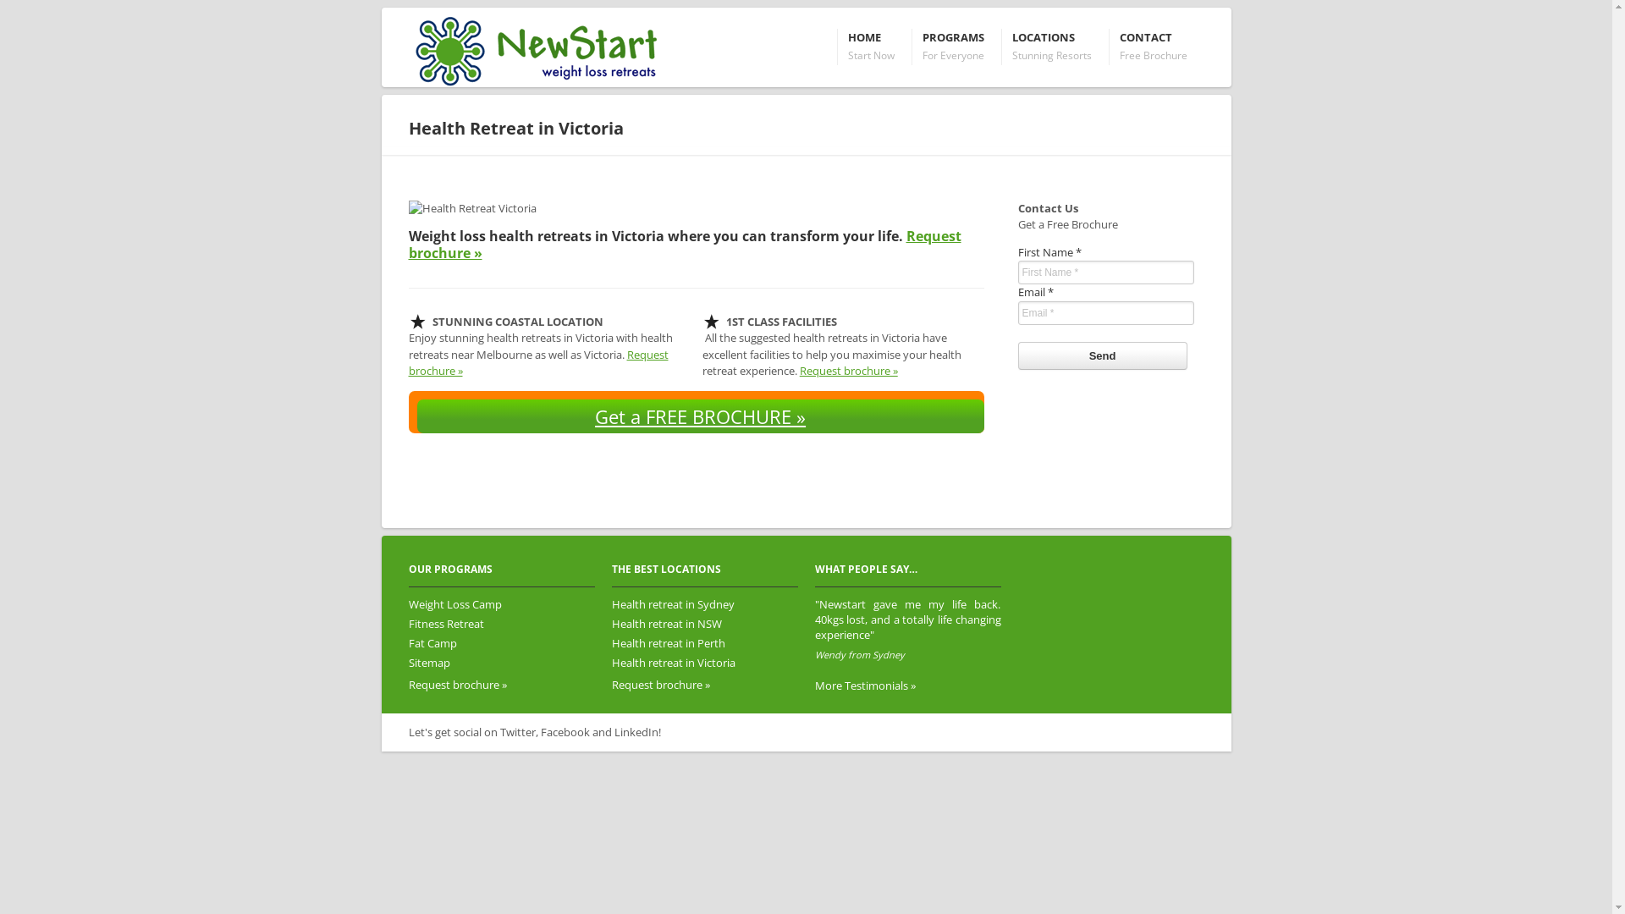 This screenshot has width=1625, height=914. I want to click on 'Weight Loss Camp', so click(454, 603).